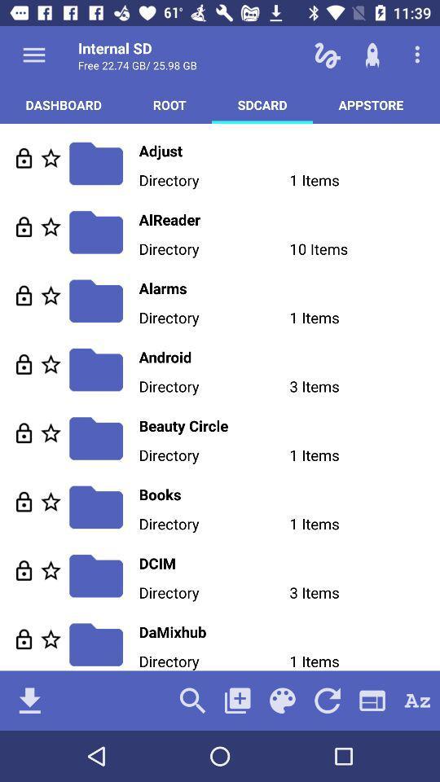 The width and height of the screenshot is (440, 782). I want to click on books, so click(288, 494).